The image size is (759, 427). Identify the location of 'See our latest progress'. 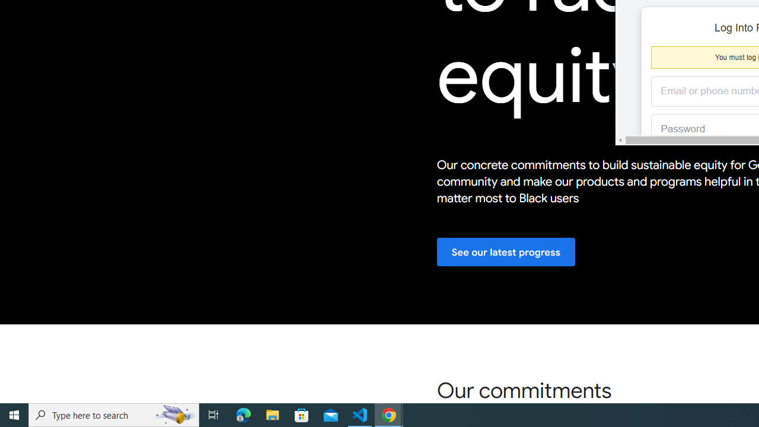
(506, 251).